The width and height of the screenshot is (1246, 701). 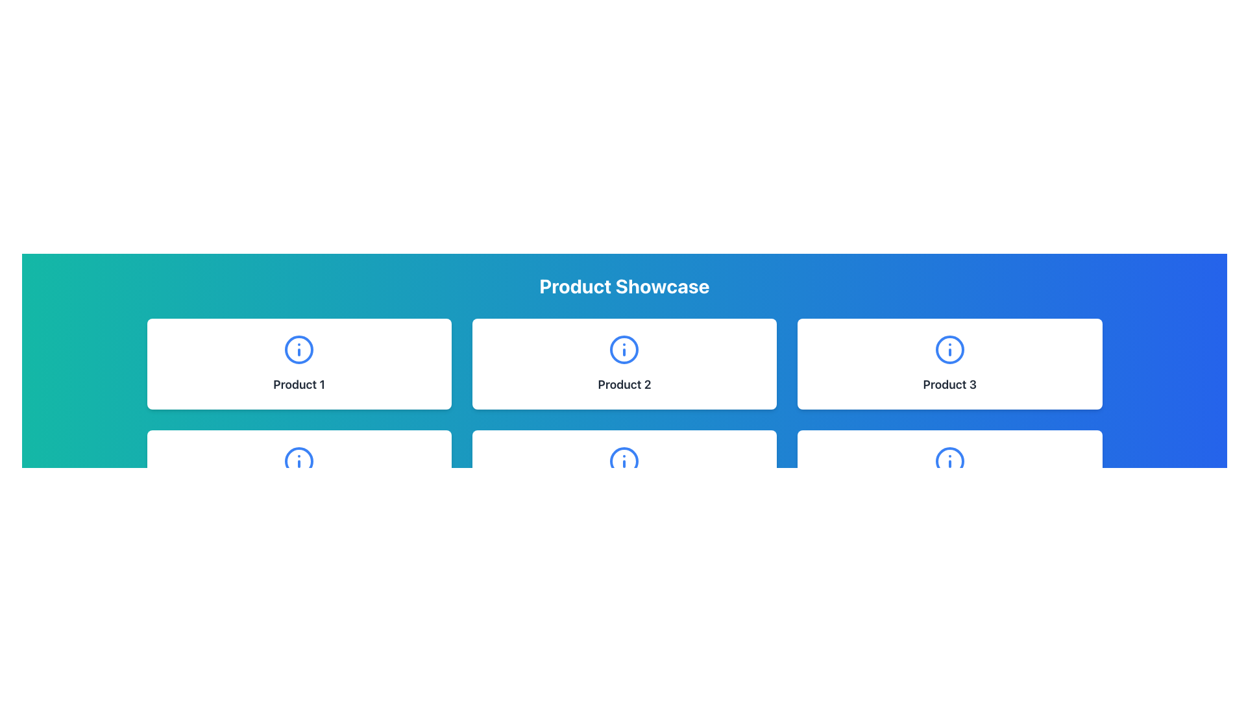 What do you see at coordinates (624, 349) in the screenshot?
I see `the blue circular SVG icon located in the middle circle of the 'Product 2' section` at bounding box center [624, 349].